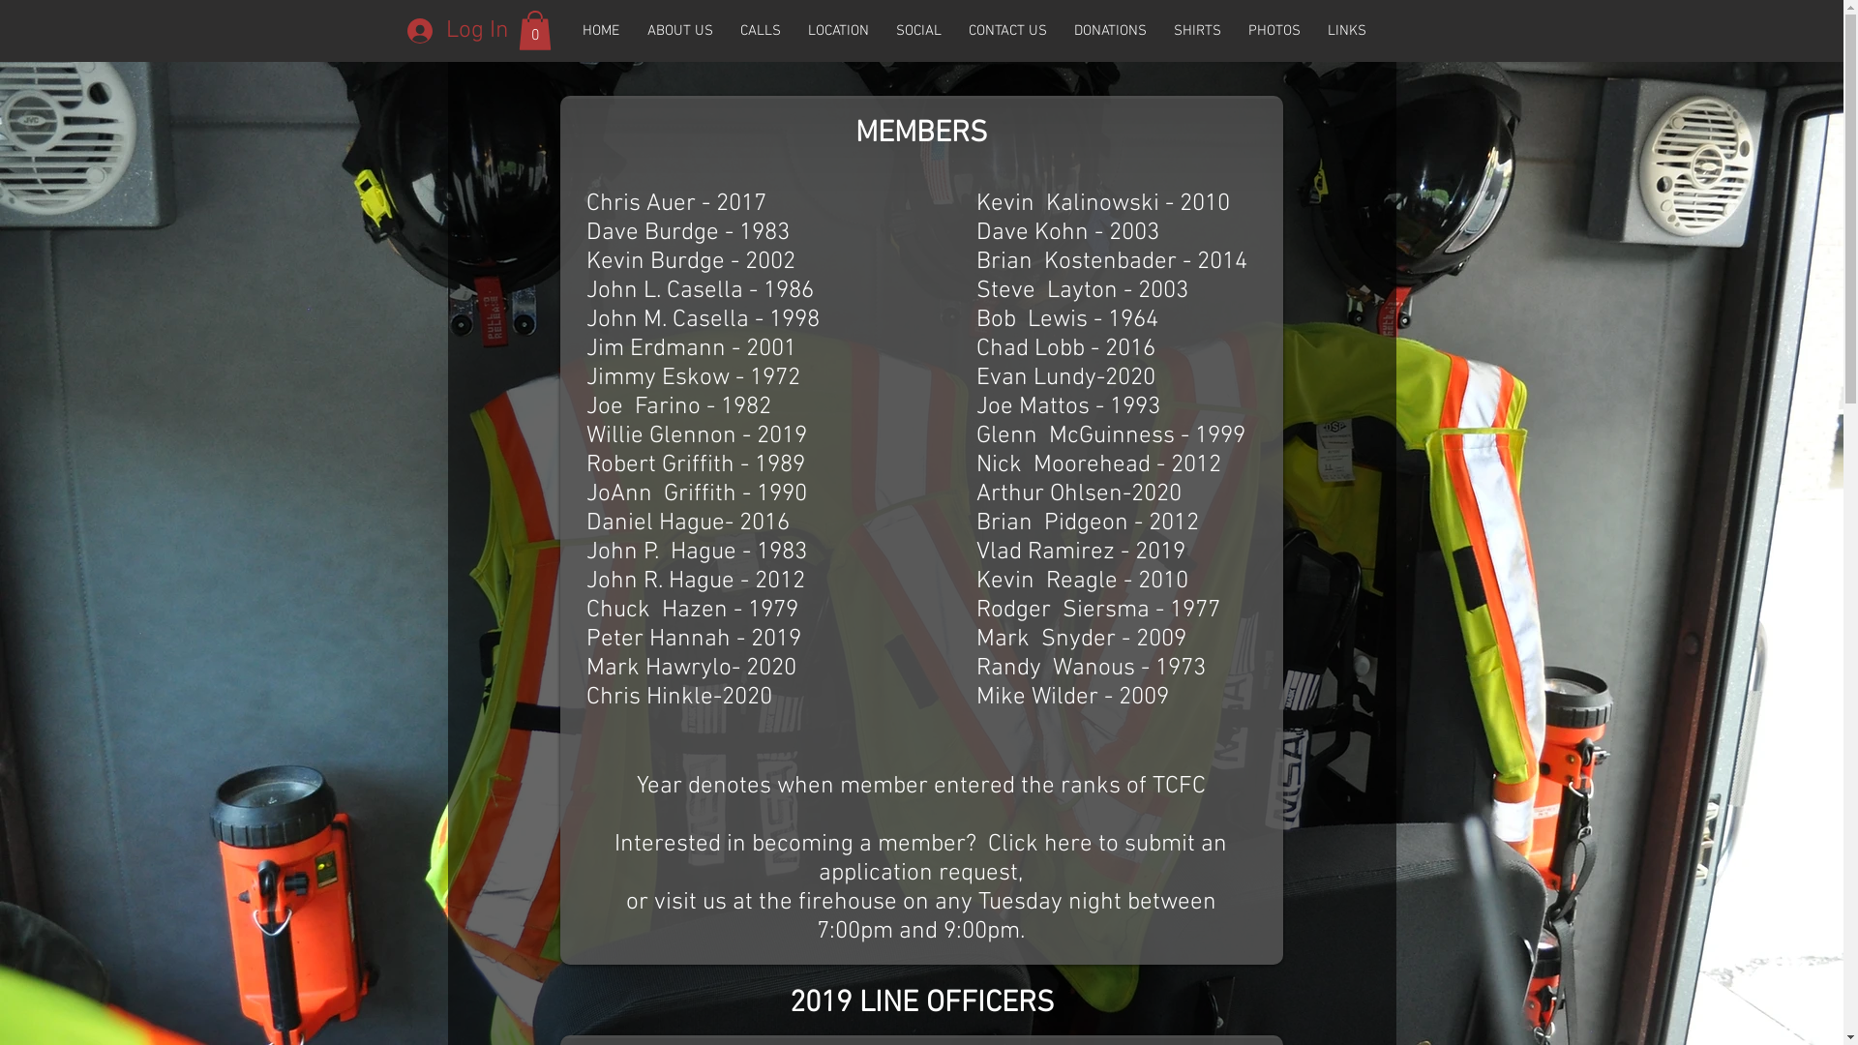 The width and height of the screenshot is (1858, 1045). Describe the element at coordinates (1195, 30) in the screenshot. I see `'SHIRTS'` at that location.